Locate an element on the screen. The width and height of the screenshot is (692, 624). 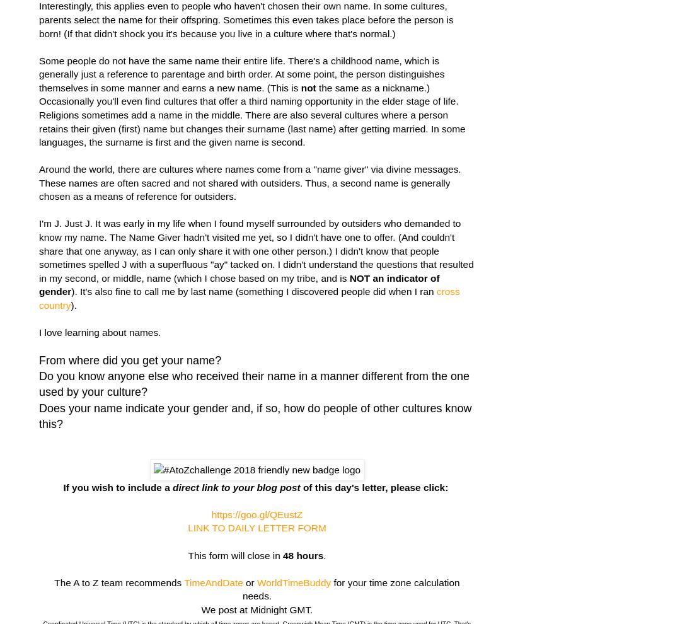
').' is located at coordinates (73, 304).